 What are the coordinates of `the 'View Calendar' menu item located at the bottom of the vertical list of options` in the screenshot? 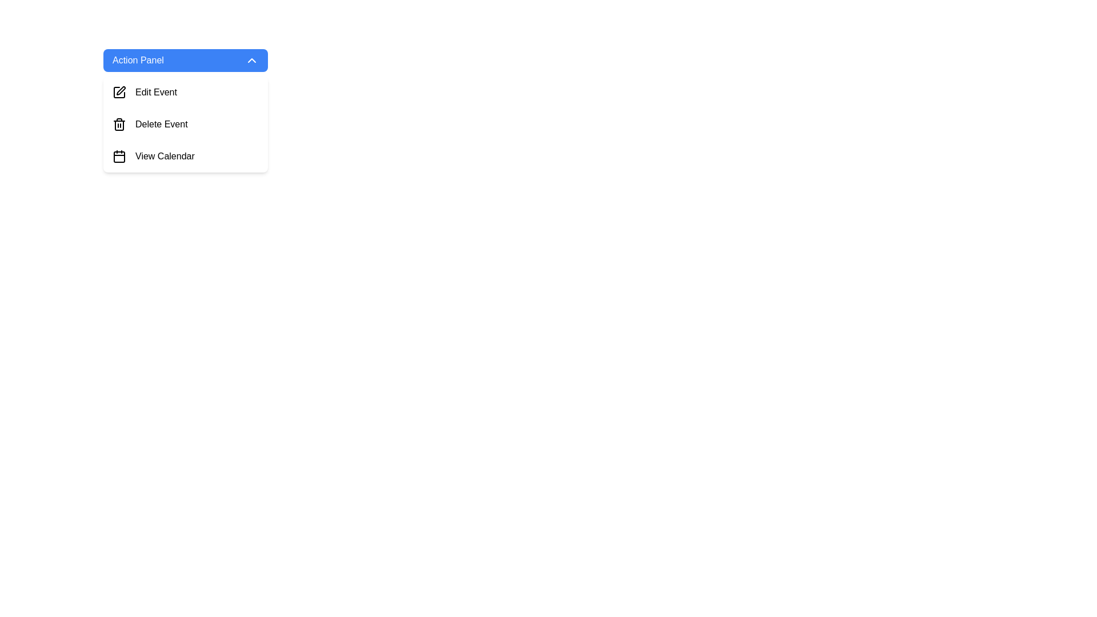 It's located at (164, 156).